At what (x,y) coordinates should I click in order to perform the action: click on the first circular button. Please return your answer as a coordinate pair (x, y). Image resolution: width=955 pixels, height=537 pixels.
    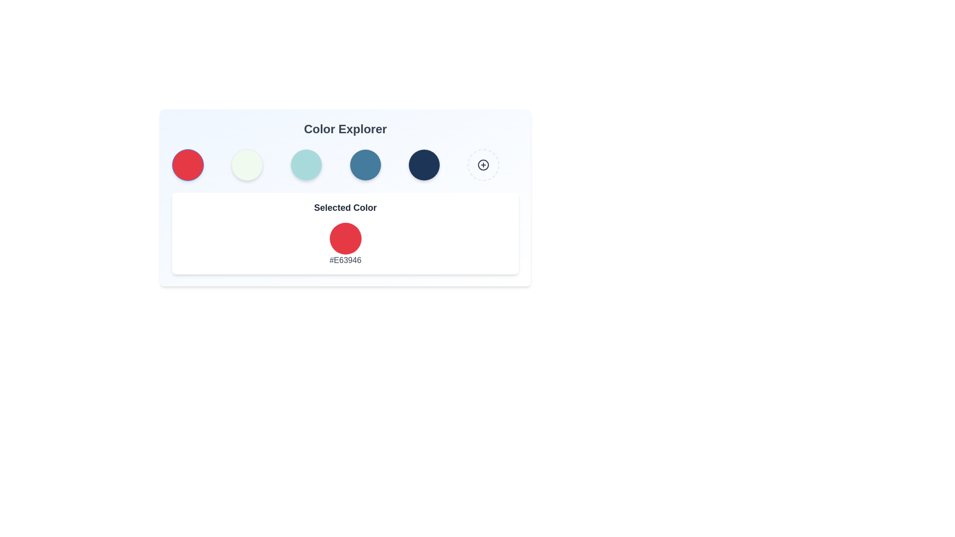
    Looking at the image, I should click on (188, 164).